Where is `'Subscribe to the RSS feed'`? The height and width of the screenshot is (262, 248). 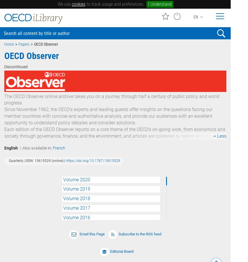
'Subscribe to the RSS feed' is located at coordinates (140, 234).